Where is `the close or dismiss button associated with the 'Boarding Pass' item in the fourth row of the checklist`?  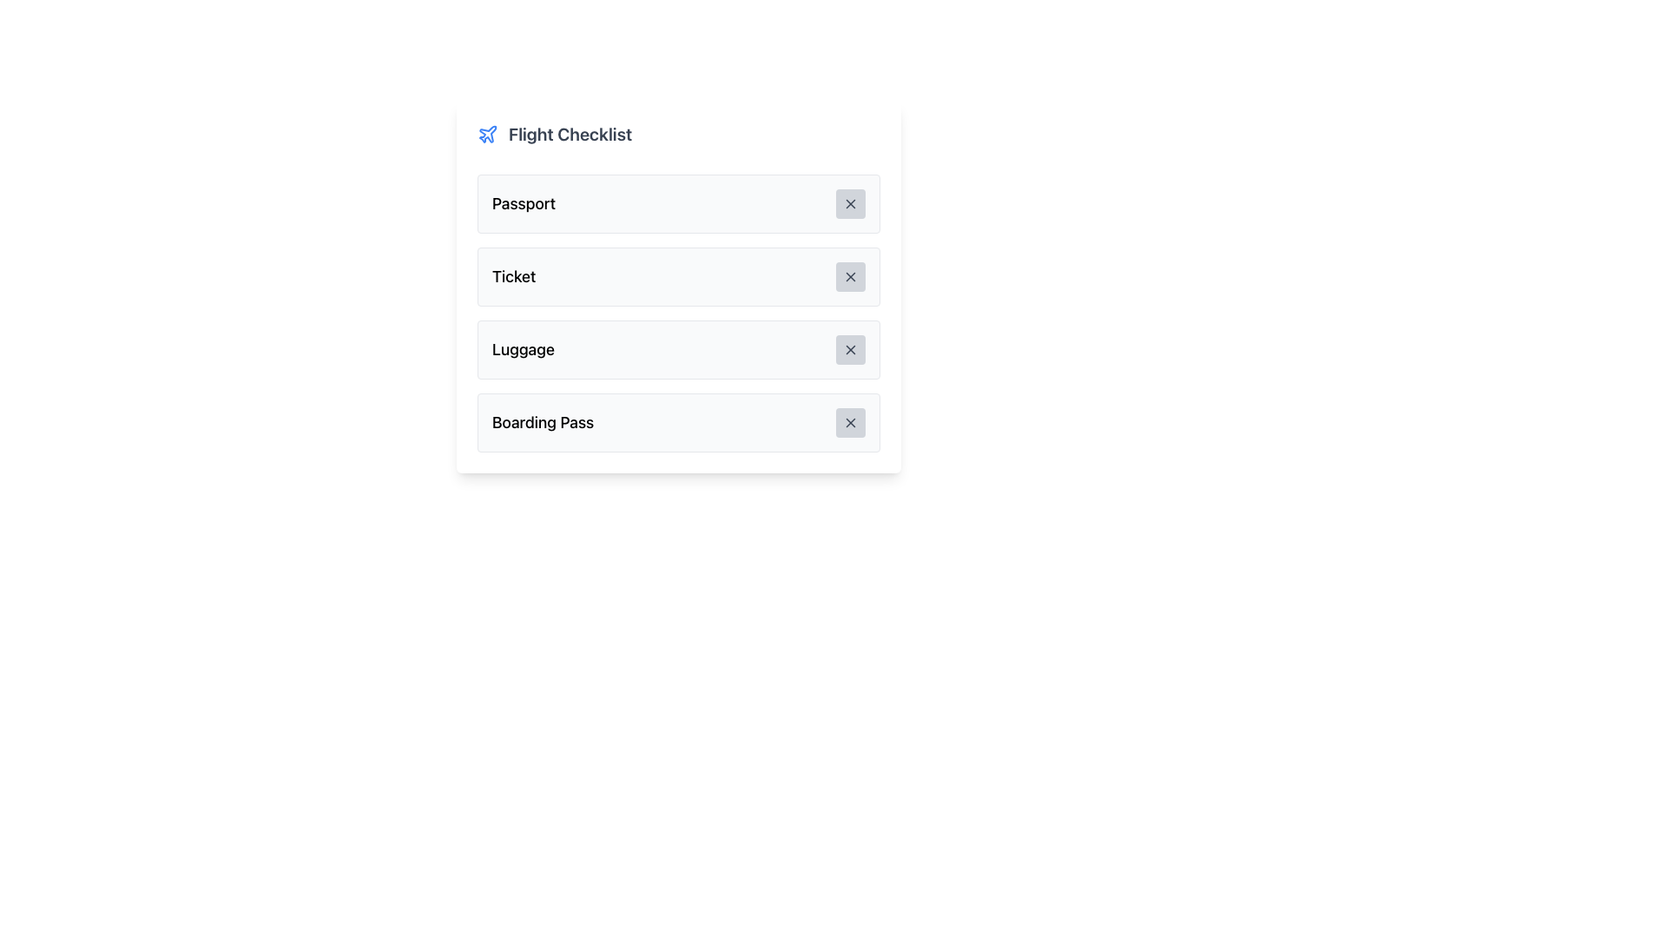 the close or dismiss button associated with the 'Boarding Pass' item in the fourth row of the checklist is located at coordinates (850, 422).